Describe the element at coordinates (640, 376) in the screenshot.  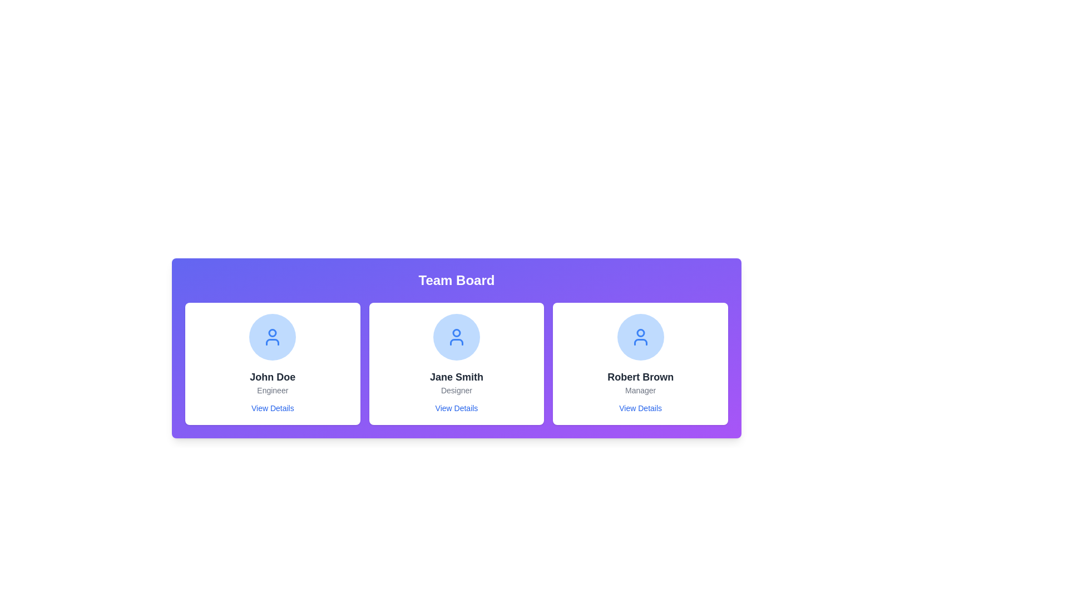
I see `the text label displaying 'Robert Brown', which is styled prominently in a larger font directly beneath the circular avatar icon and above the designation label 'Manager'` at that location.